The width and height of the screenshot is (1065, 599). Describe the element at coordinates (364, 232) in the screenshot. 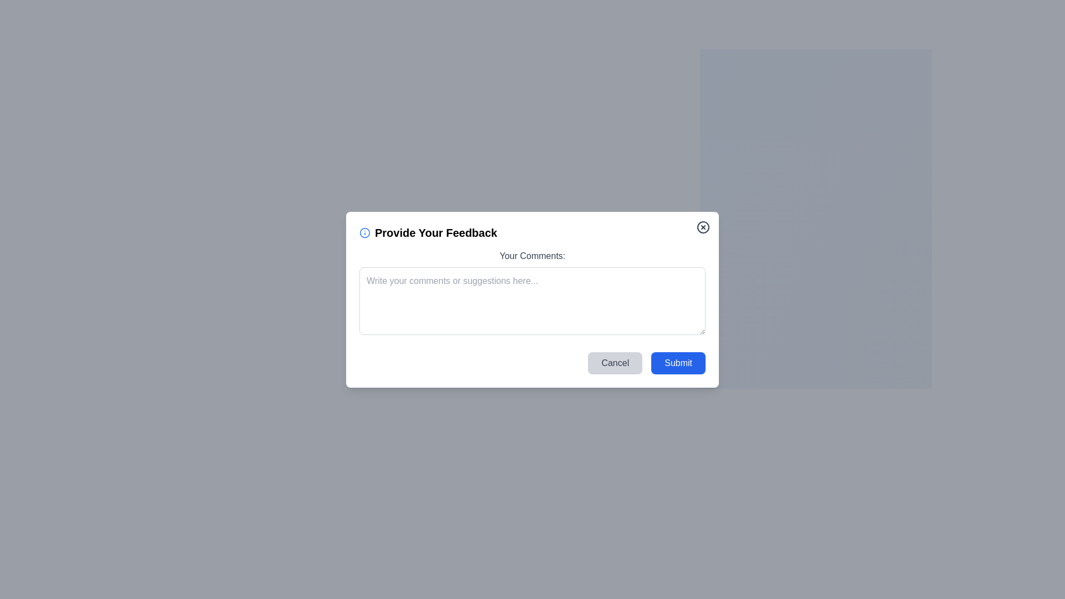

I see `the small circular information icon with a blue stroke located at the beginning of the header, to the left of the 'Provide Your Feedback' text` at that location.